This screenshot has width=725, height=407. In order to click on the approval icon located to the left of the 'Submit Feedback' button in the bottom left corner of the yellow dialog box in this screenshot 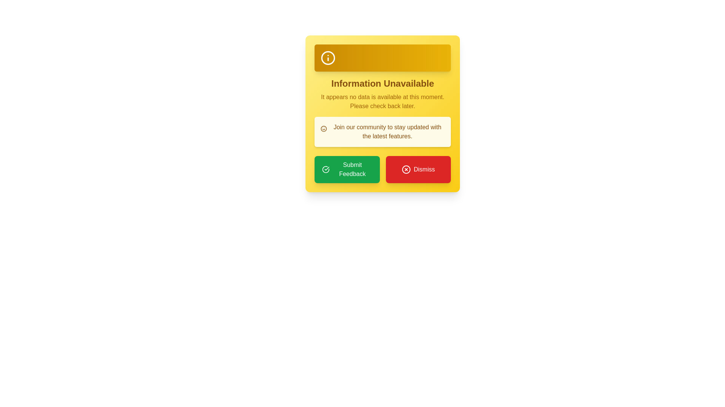, I will do `click(326, 170)`.